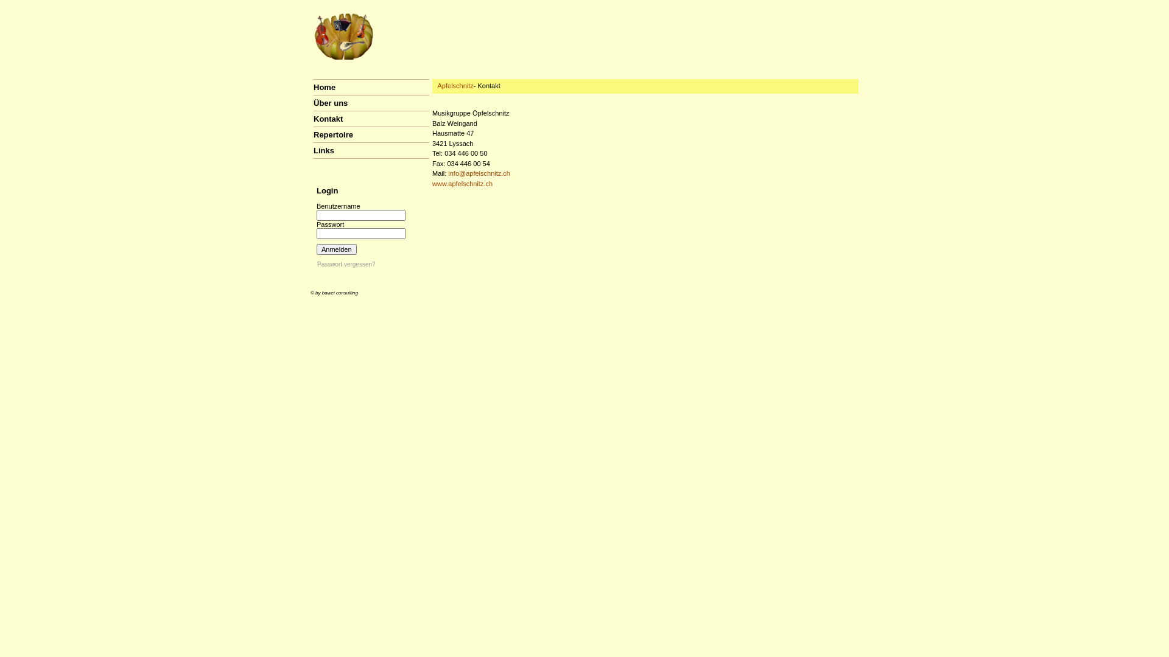 Image resolution: width=1169 pixels, height=657 pixels. Describe the element at coordinates (333, 134) in the screenshot. I see `'Repertoire'` at that location.